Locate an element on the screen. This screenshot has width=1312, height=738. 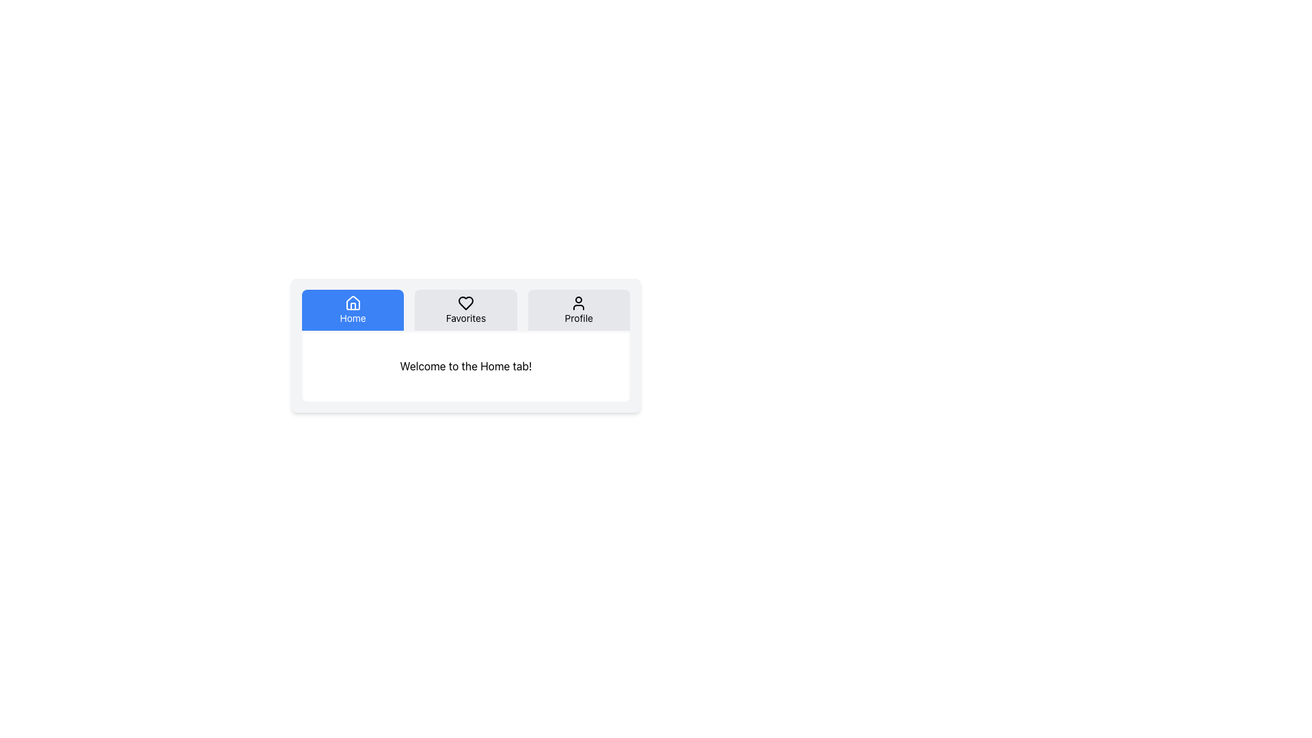
the 'Home' icon located at the top of the navigation bar is located at coordinates (353, 302).